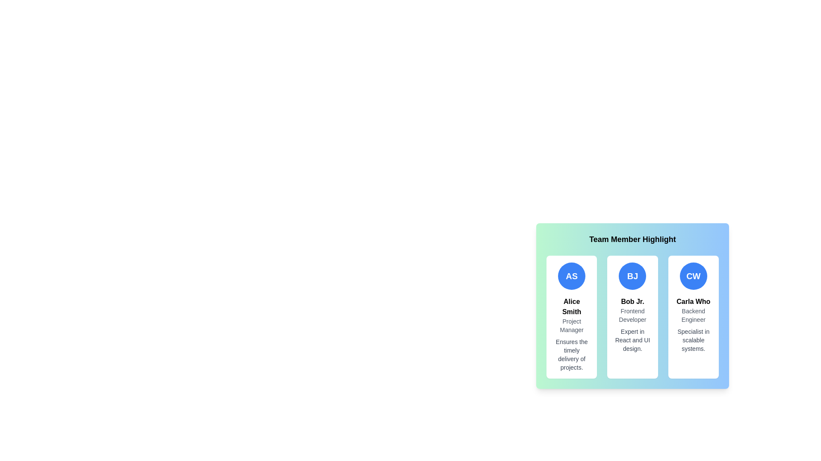  Describe the element at coordinates (572, 276) in the screenshot. I see `the circular avatar icon with a blue background and white text displaying 'AS' at the top of the leftmost card` at that location.